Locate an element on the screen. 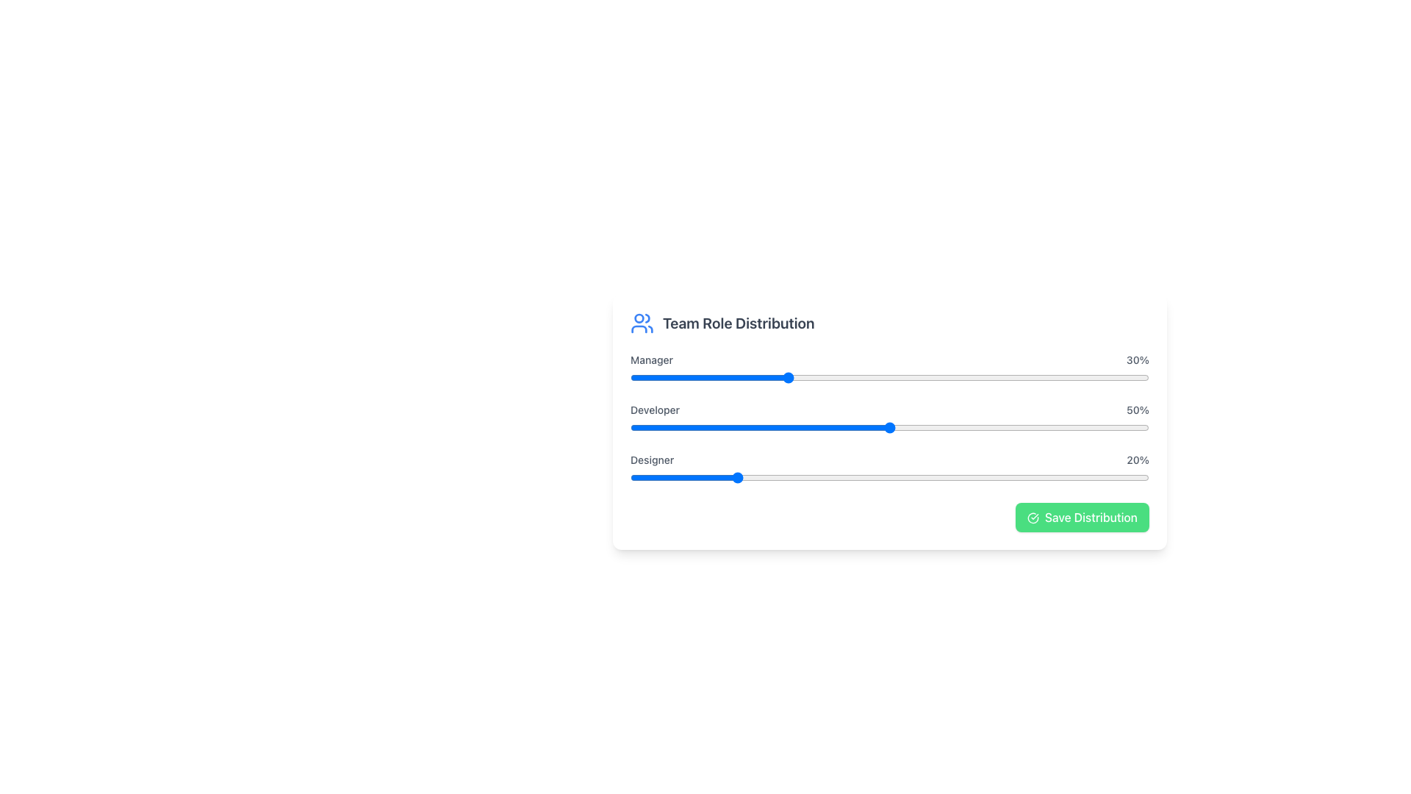 The width and height of the screenshot is (1411, 794). the developer's role distribution percentage is located at coordinates (930, 428).